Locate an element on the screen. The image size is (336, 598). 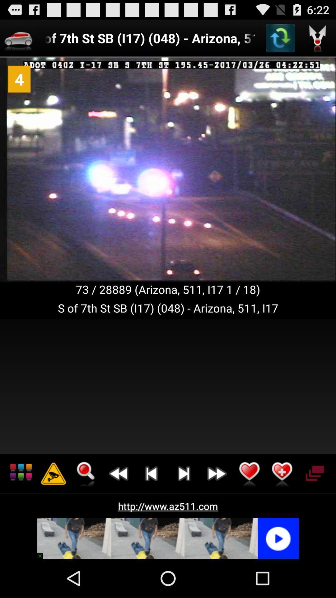
the dashboard icon is located at coordinates (21, 507).